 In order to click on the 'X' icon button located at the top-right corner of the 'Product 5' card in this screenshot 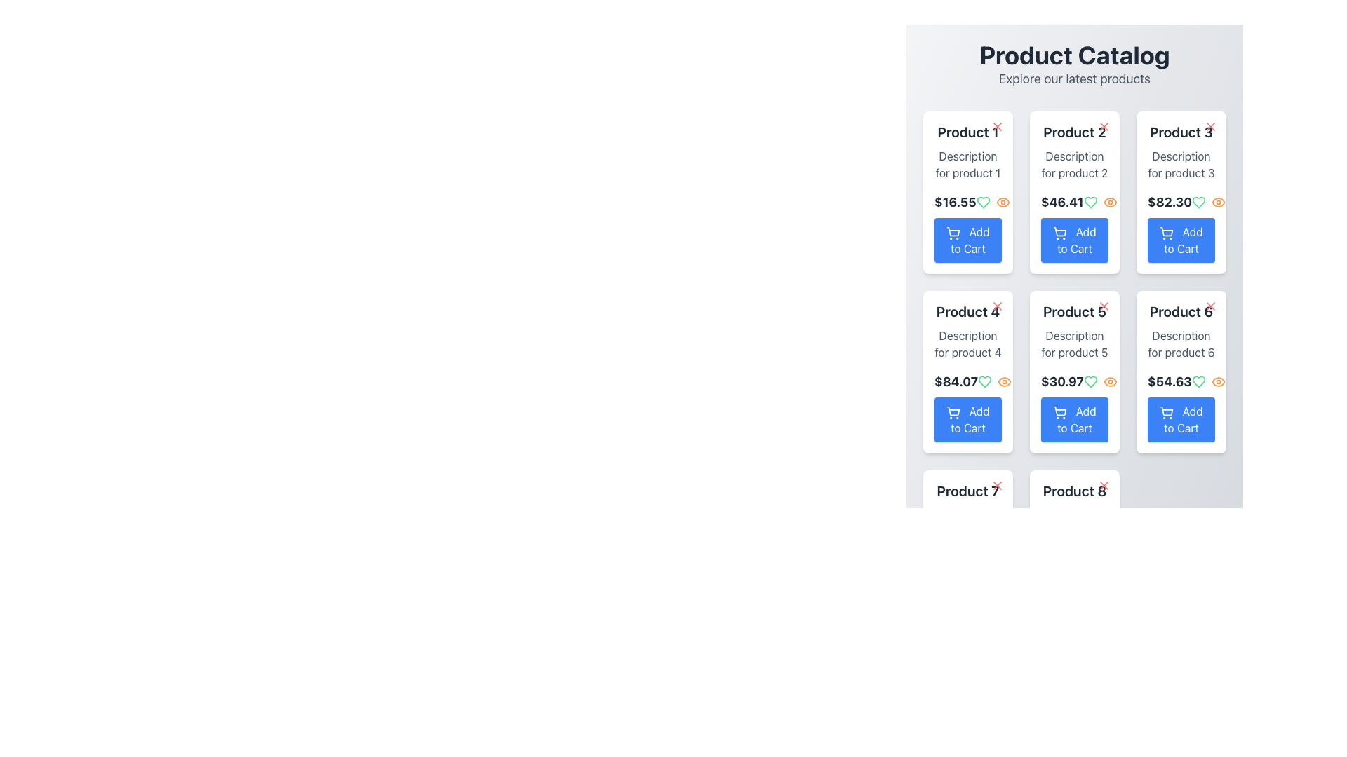, I will do `click(1104, 305)`.